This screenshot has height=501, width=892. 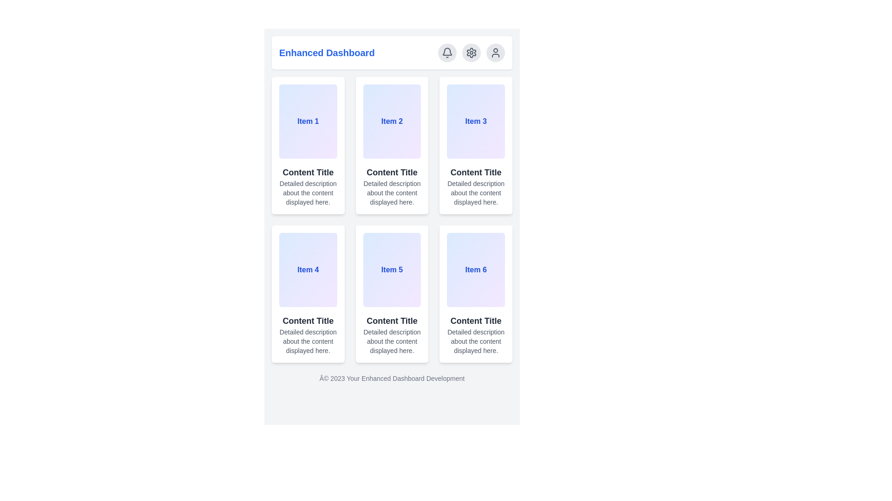 I want to click on the third informational card in the dashboard, located in the first row and to the right of the second card titled 'Item 2', so click(x=476, y=145).